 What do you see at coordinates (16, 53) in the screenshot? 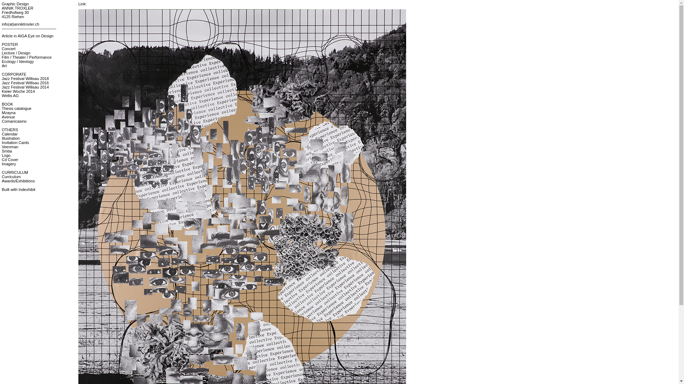
I see `'Lecture / Design'` at bounding box center [16, 53].